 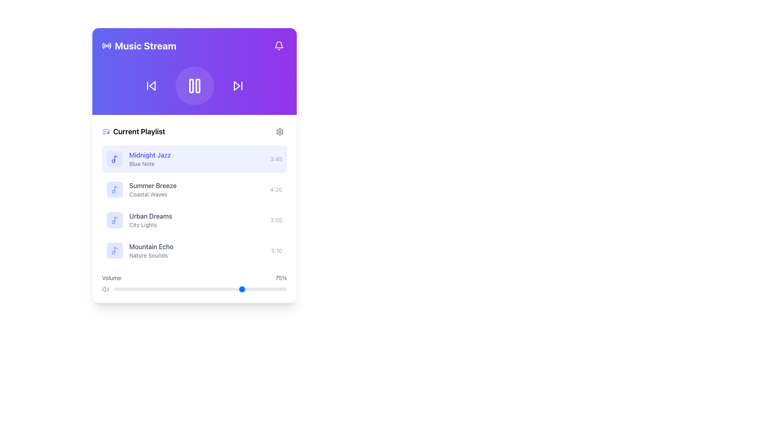 What do you see at coordinates (133, 131) in the screenshot?
I see `'Current Playlist' label that displays in bold font with a musical notes icon on the left, located near the top-middle of the playlist interface` at bounding box center [133, 131].